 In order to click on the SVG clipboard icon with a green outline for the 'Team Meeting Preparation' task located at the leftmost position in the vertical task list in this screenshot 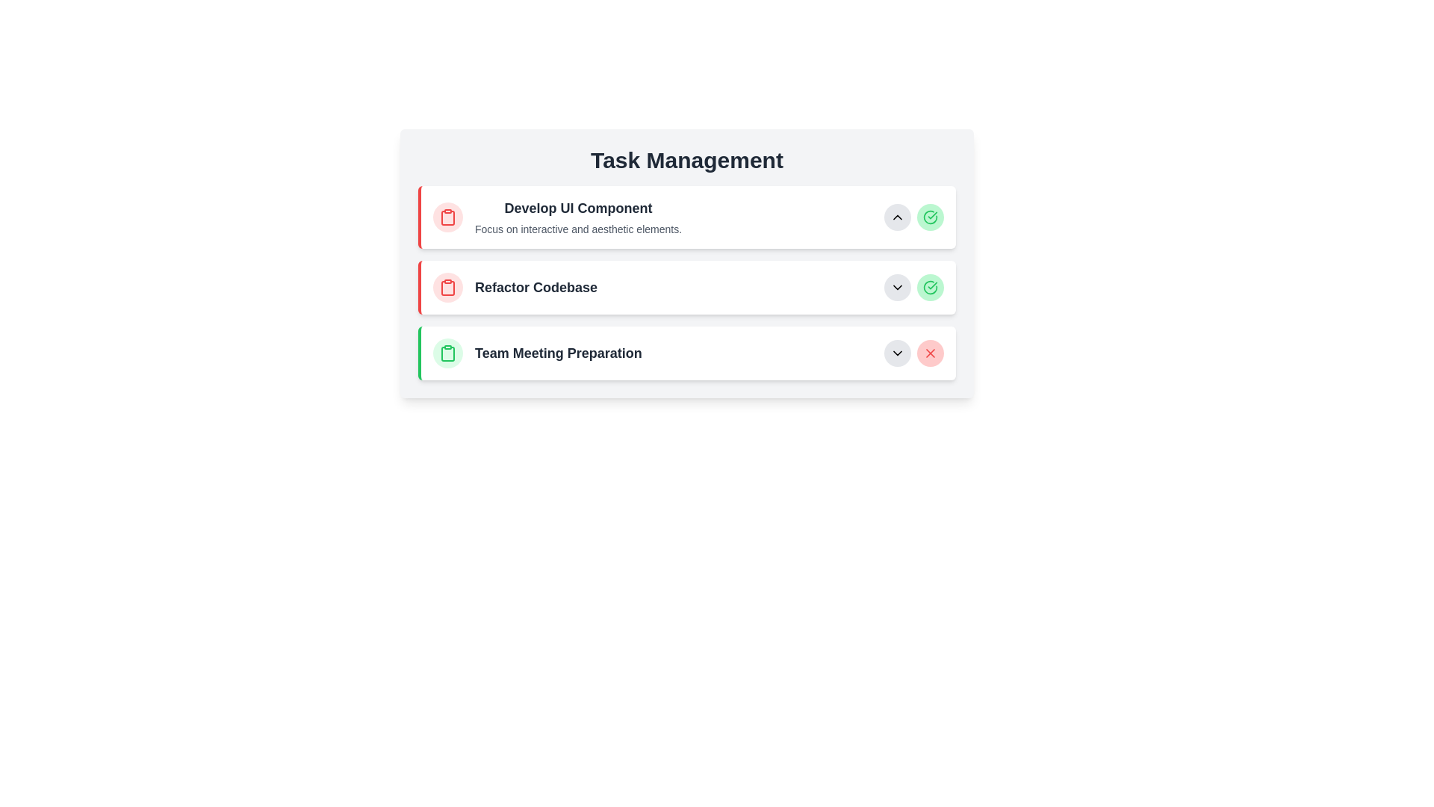, I will do `click(447, 353)`.